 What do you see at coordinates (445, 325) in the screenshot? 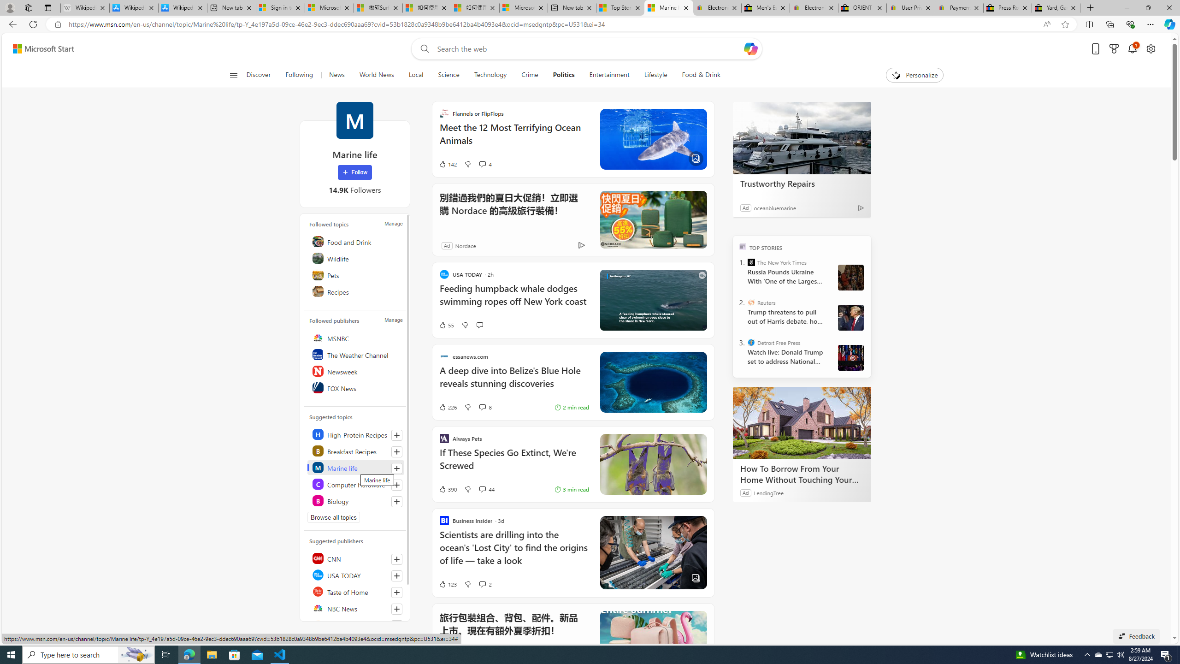
I see `'55 Like'` at bounding box center [445, 325].